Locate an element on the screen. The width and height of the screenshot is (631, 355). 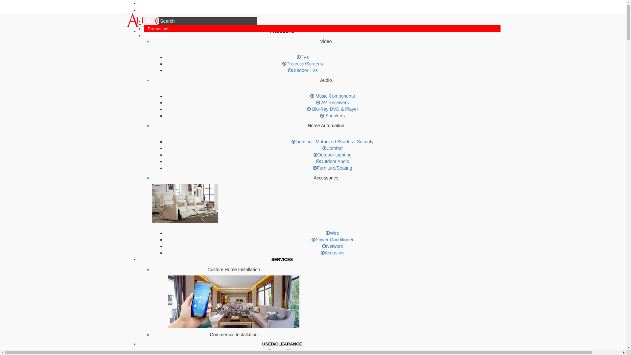
'Wire' is located at coordinates (332, 233).